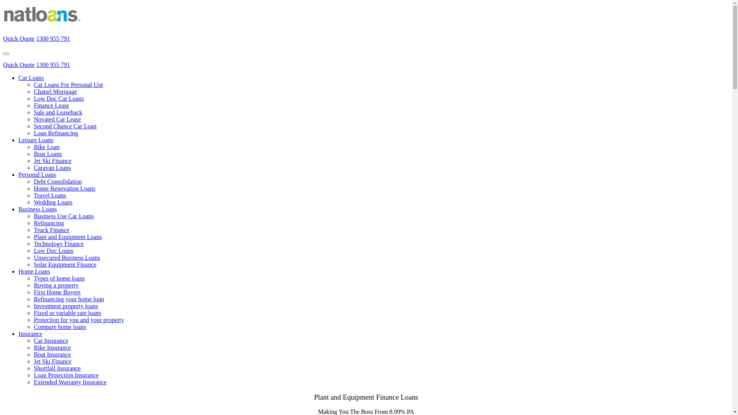 This screenshot has width=738, height=415. I want to click on 'Business Use Car Loans', so click(64, 216).